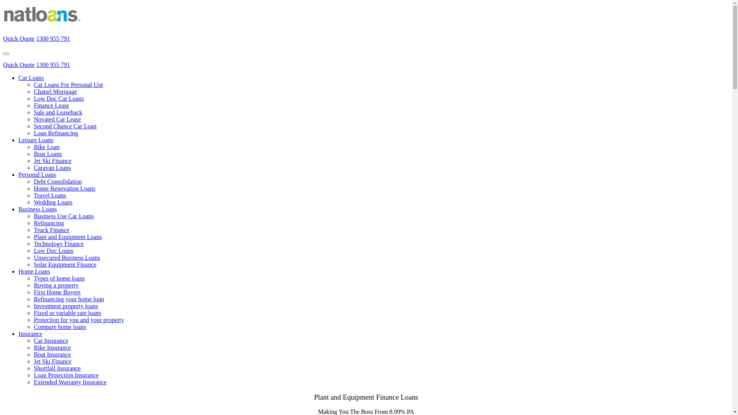 This screenshot has width=738, height=415. I want to click on 'Business Use Car Loans', so click(64, 216).